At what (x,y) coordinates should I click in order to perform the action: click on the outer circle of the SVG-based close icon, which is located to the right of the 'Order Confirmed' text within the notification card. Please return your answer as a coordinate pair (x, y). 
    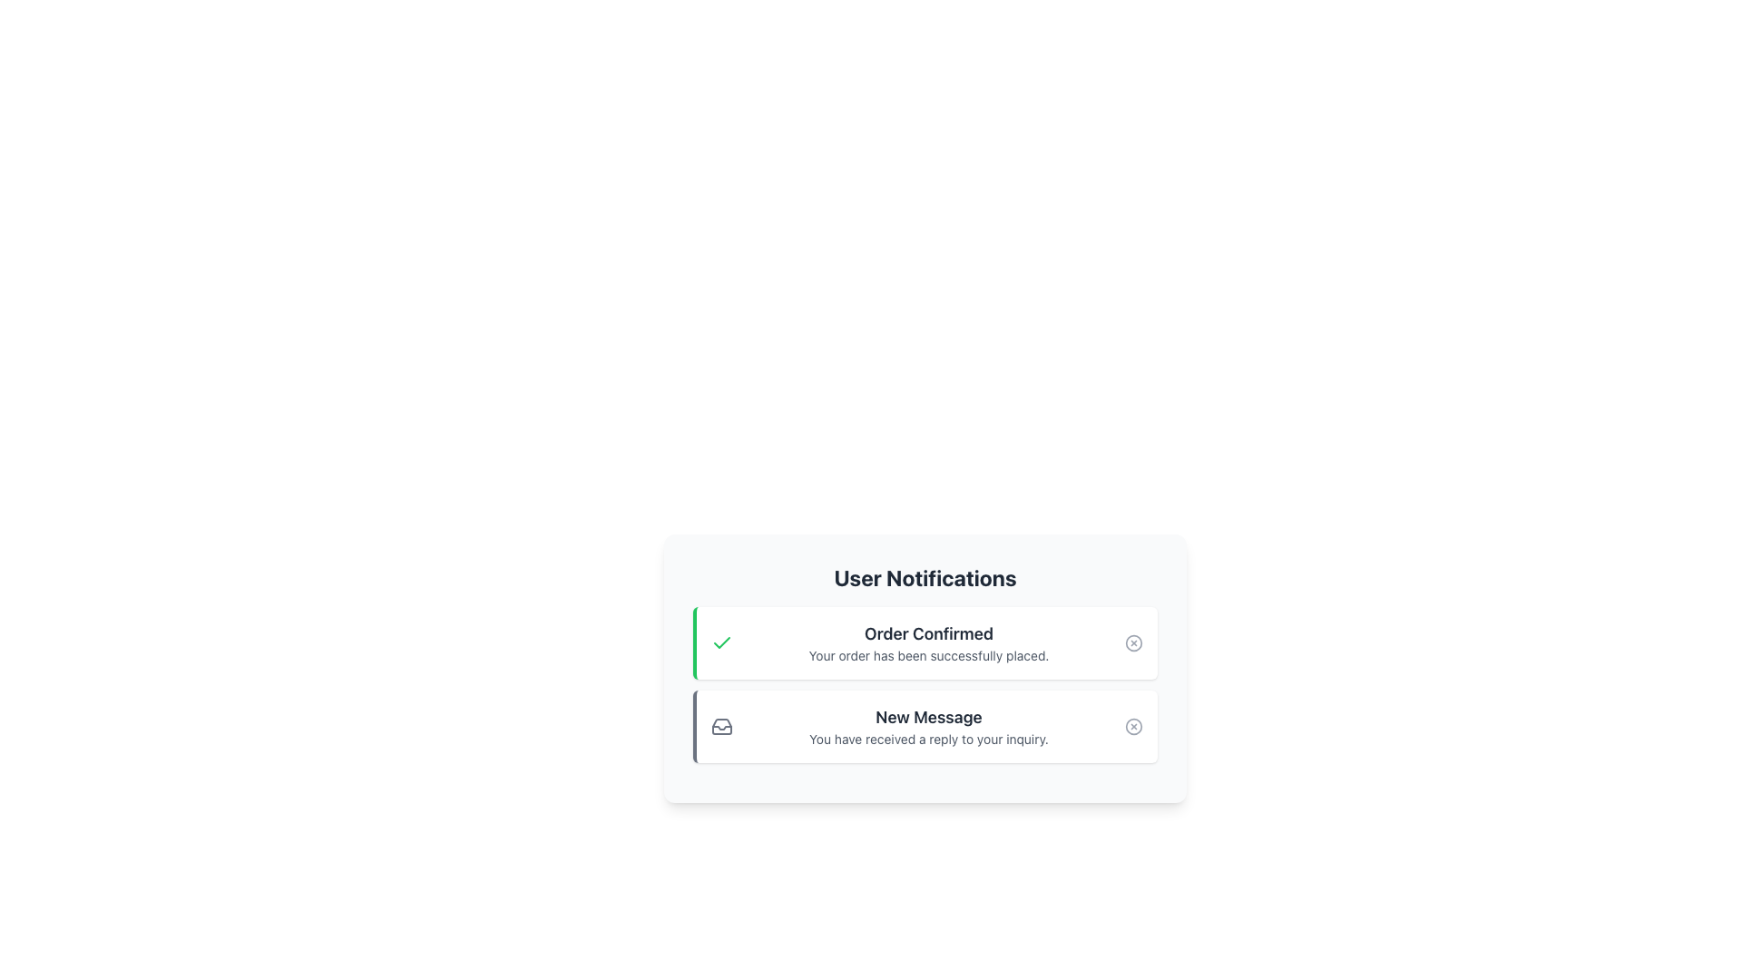
    Looking at the image, I should click on (1132, 642).